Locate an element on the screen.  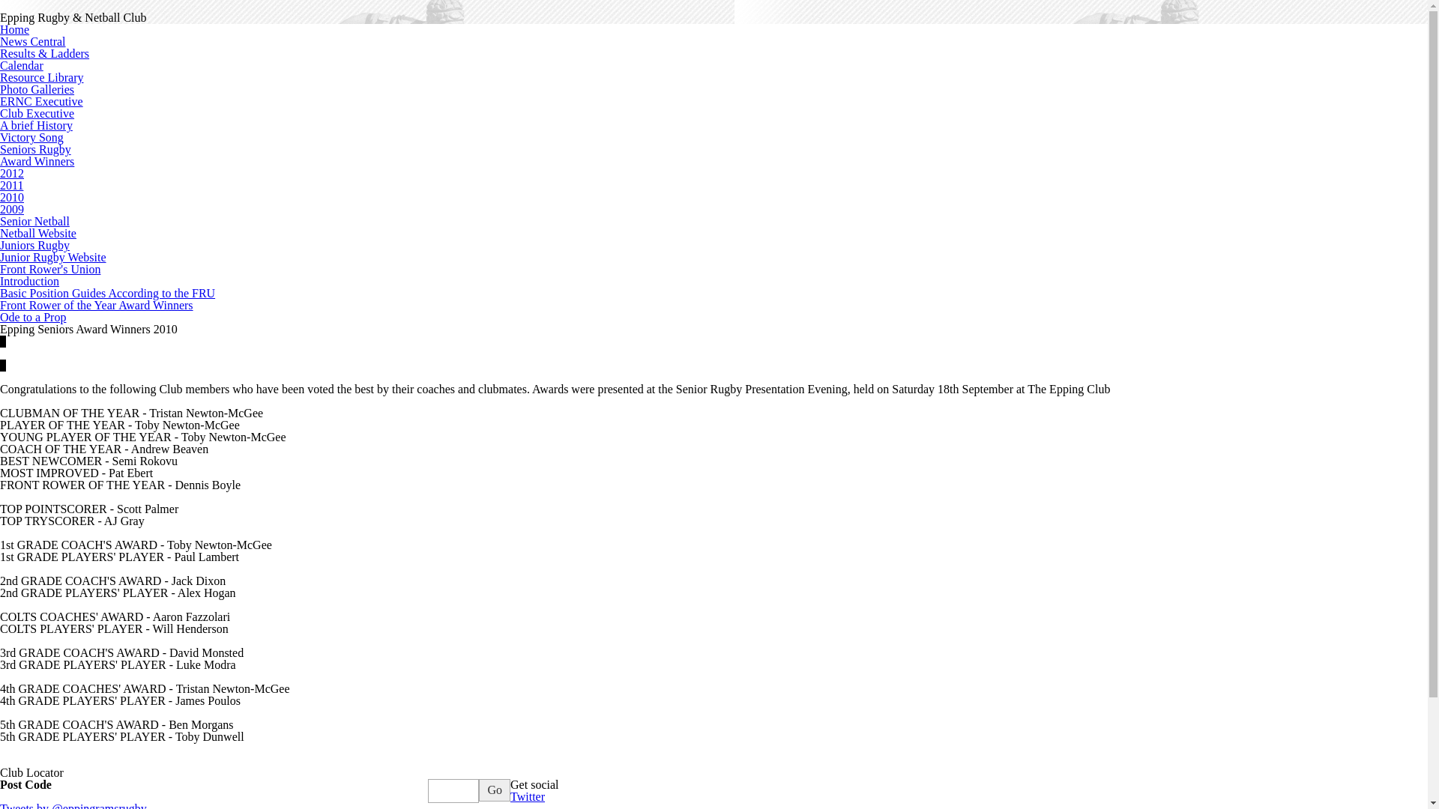
'A brief History' is located at coordinates (0, 124).